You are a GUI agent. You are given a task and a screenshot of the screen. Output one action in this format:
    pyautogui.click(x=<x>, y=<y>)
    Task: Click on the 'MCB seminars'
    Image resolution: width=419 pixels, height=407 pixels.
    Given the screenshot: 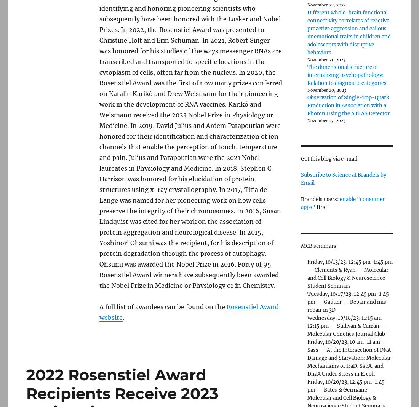 What is the action you would take?
    pyautogui.click(x=318, y=245)
    